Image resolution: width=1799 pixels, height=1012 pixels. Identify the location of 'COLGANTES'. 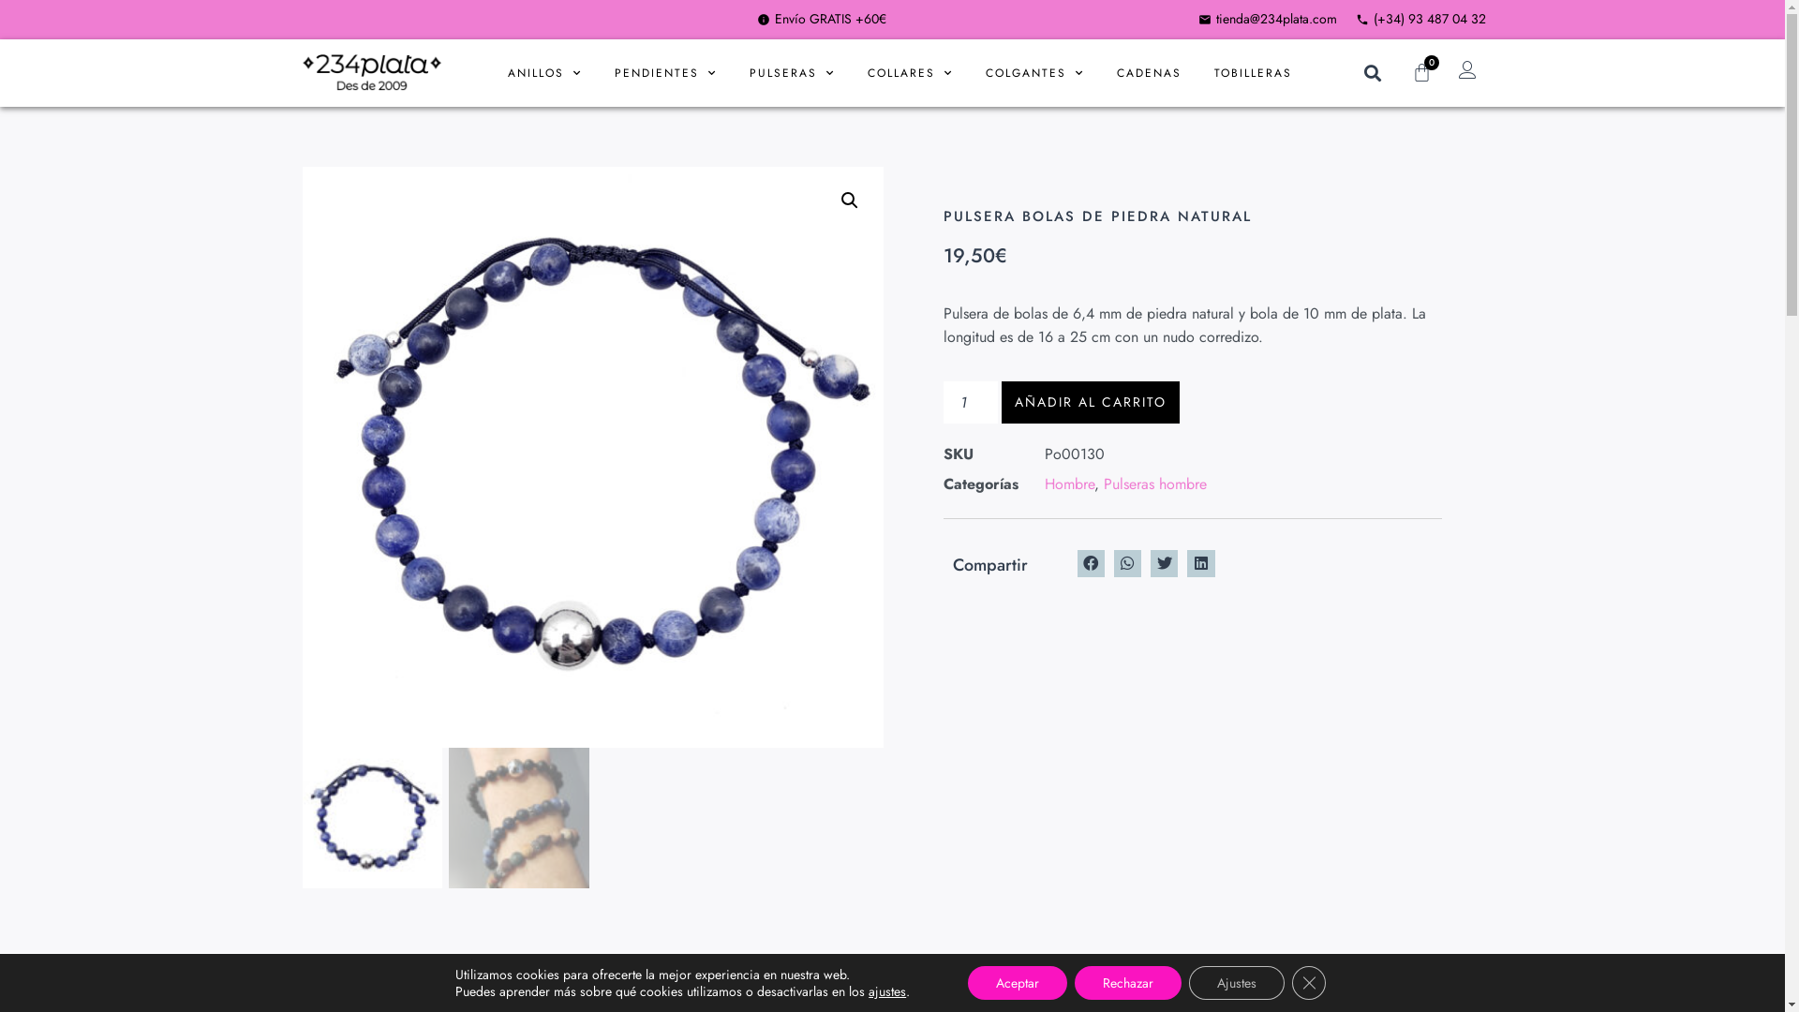
(1033, 71).